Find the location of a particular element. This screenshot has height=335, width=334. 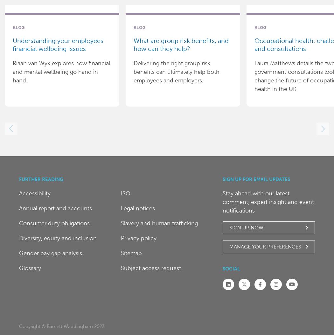

'Delivering the right group risk benefits can ultimately help both employees and employers.' is located at coordinates (177, 72).